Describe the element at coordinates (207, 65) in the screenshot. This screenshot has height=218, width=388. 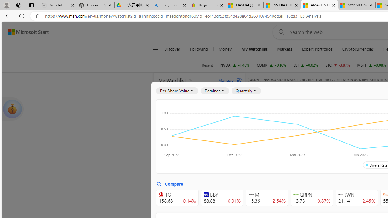
I see `'Recent'` at that location.